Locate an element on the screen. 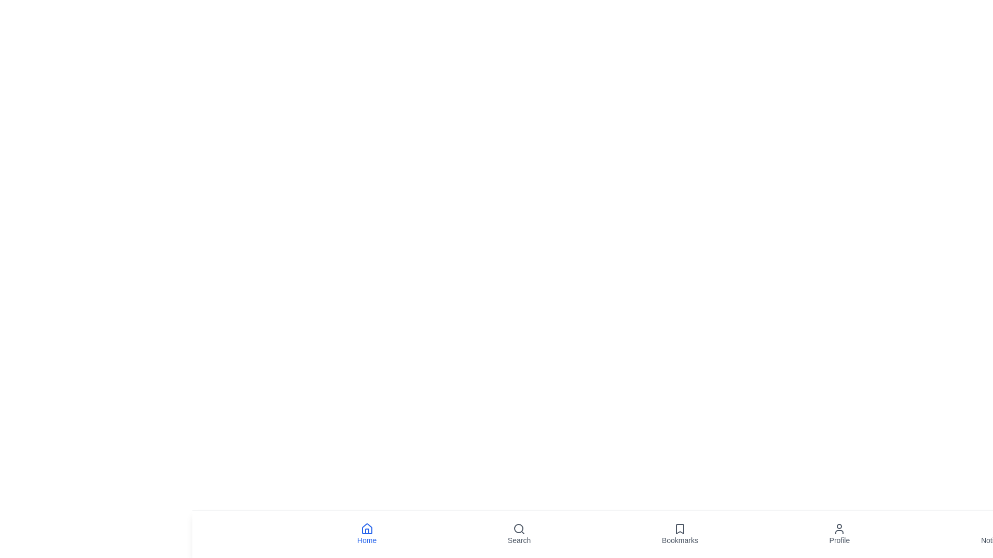 This screenshot has width=993, height=558. the Profile icon in the bottom navigation bar is located at coordinates (839, 534).